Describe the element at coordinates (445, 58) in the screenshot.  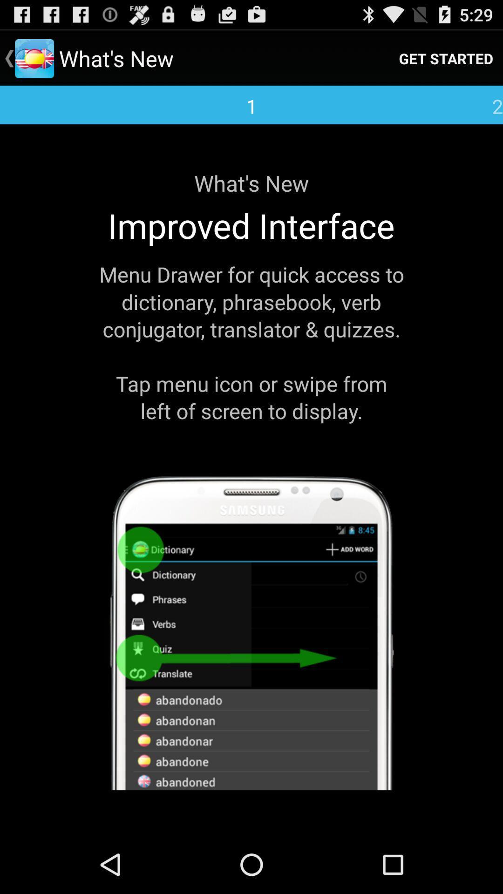
I see `get started item` at that location.